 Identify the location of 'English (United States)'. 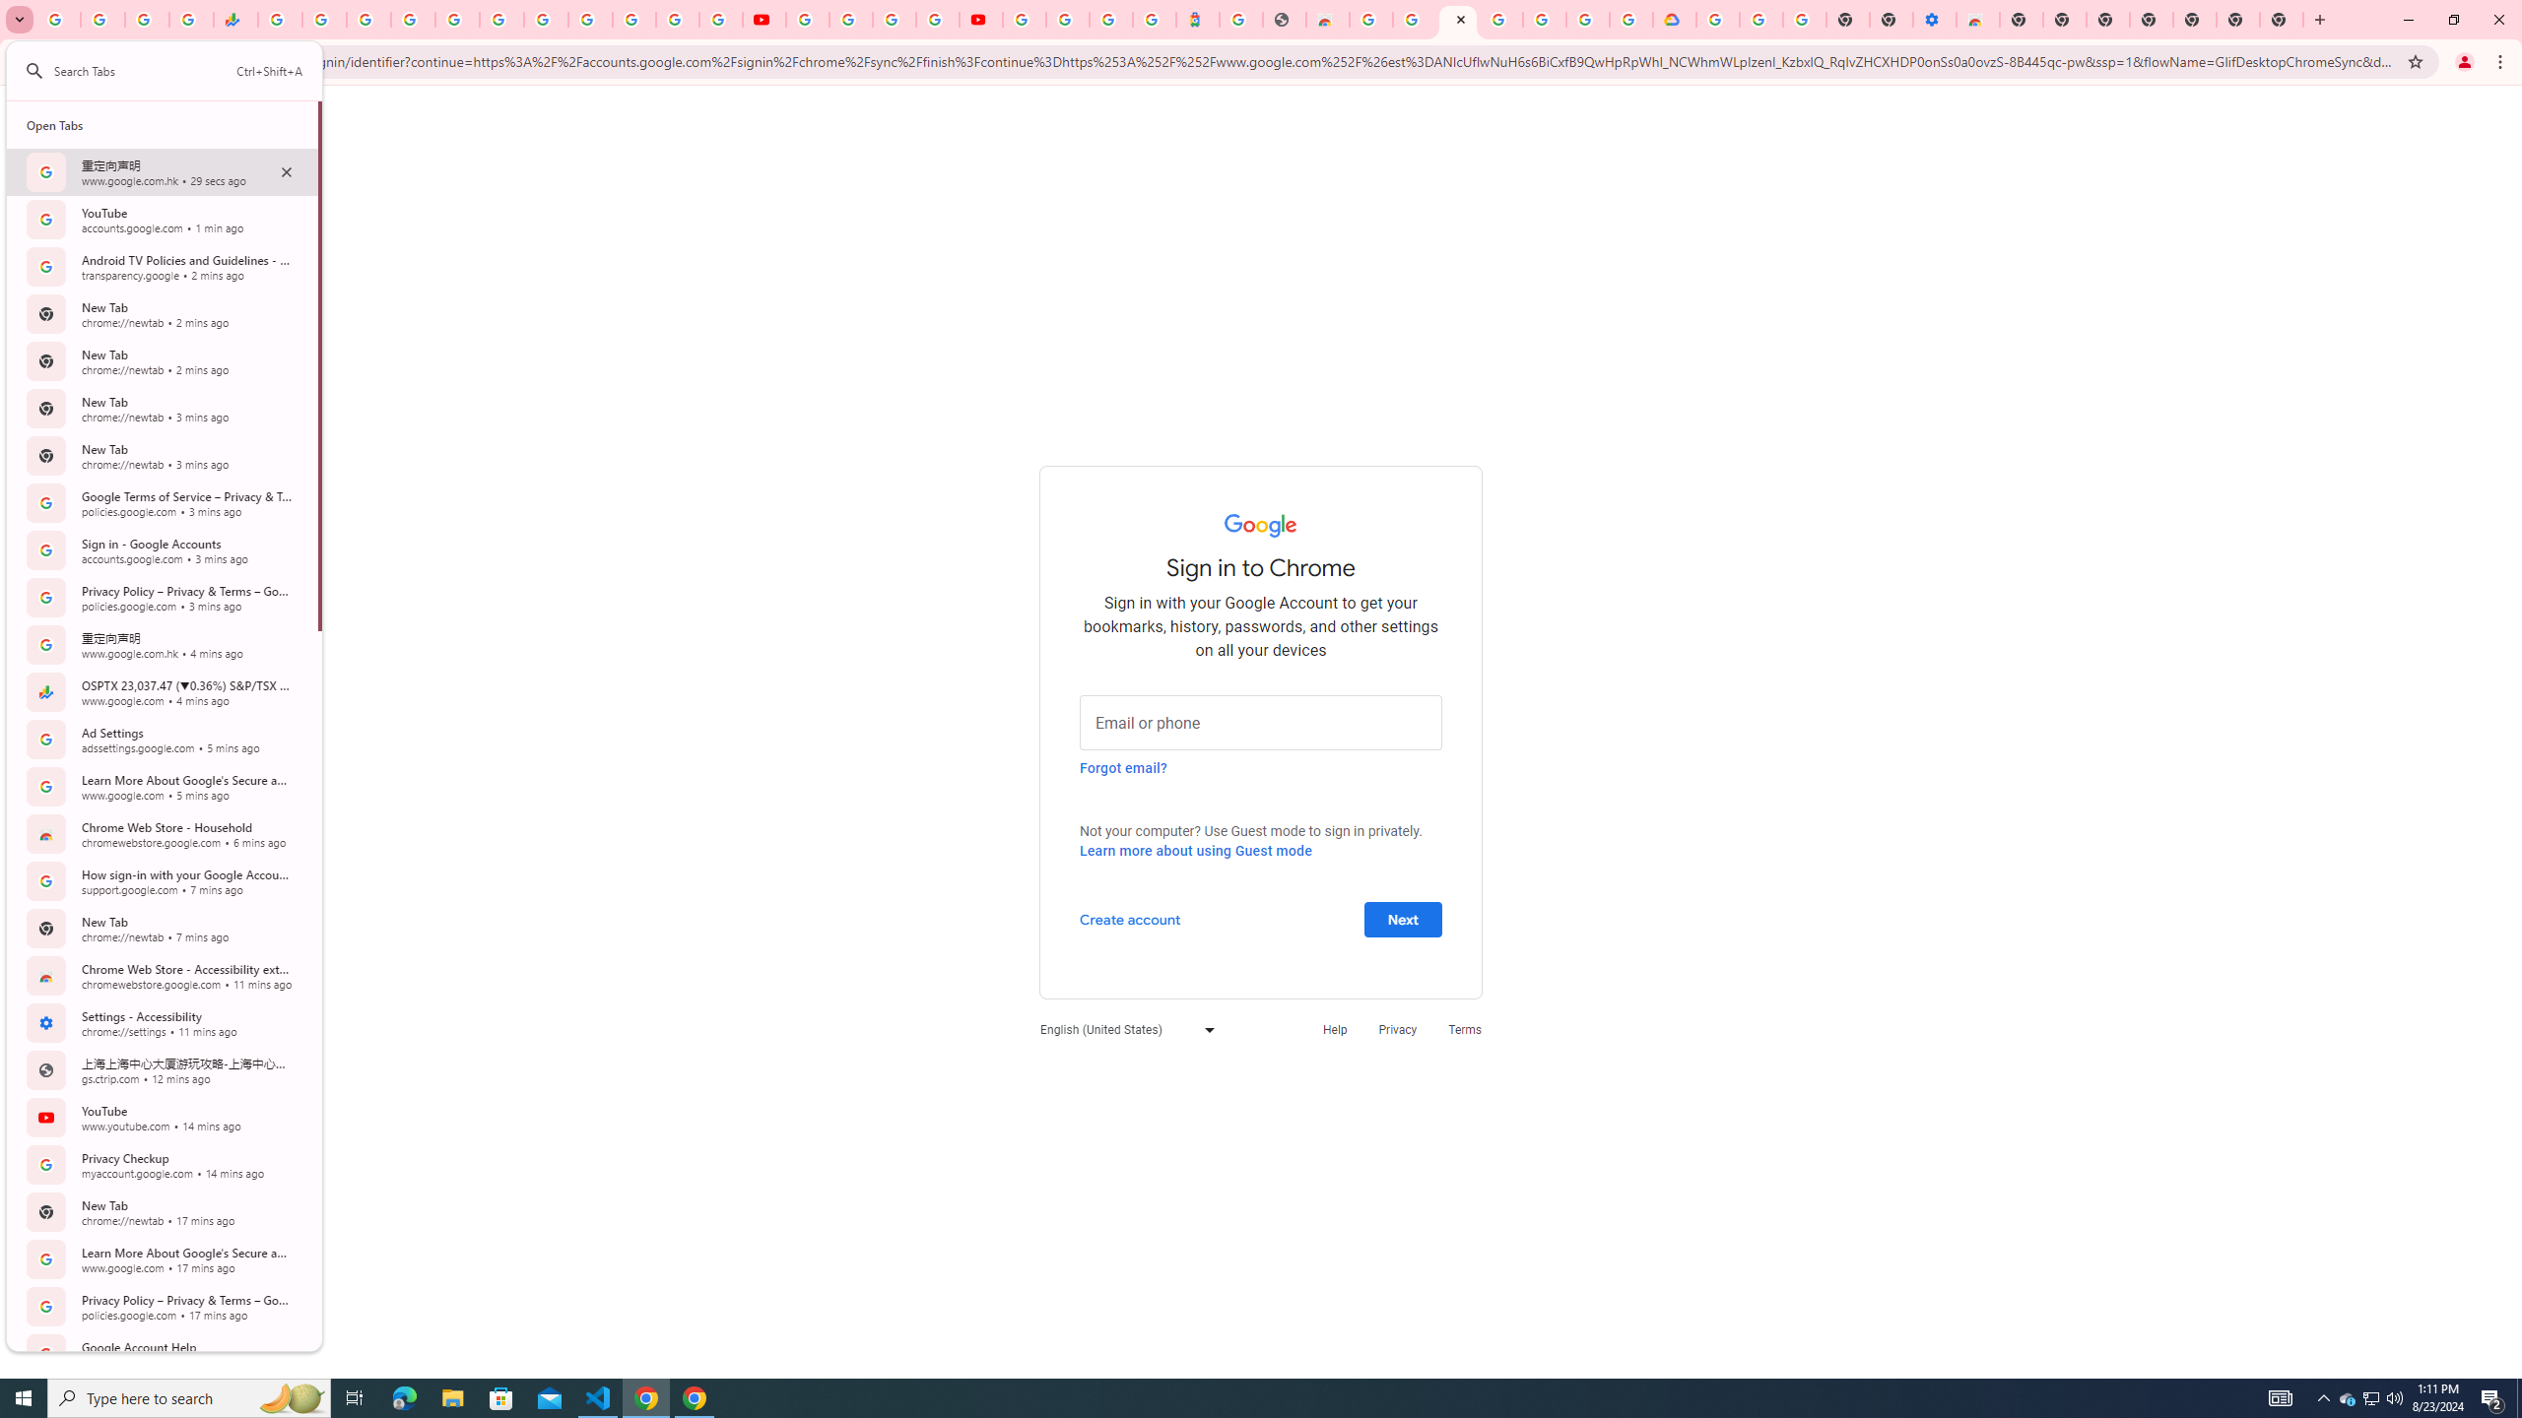
(1121, 1029).